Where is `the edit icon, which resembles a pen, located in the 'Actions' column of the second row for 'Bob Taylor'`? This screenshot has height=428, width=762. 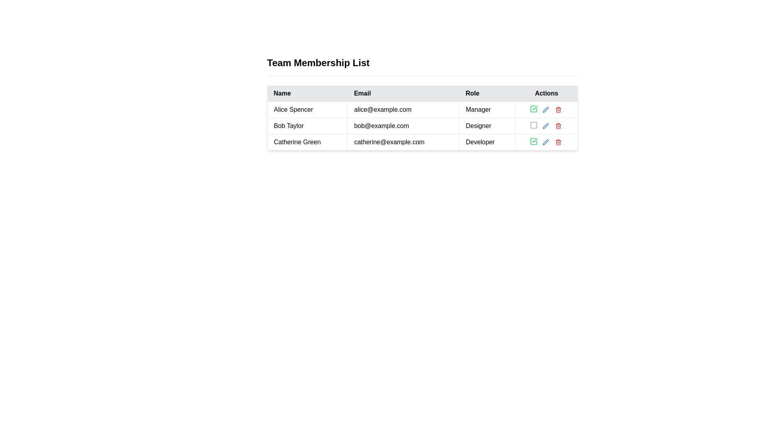 the edit icon, which resembles a pen, located in the 'Actions' column of the second row for 'Bob Taylor' is located at coordinates (545, 110).